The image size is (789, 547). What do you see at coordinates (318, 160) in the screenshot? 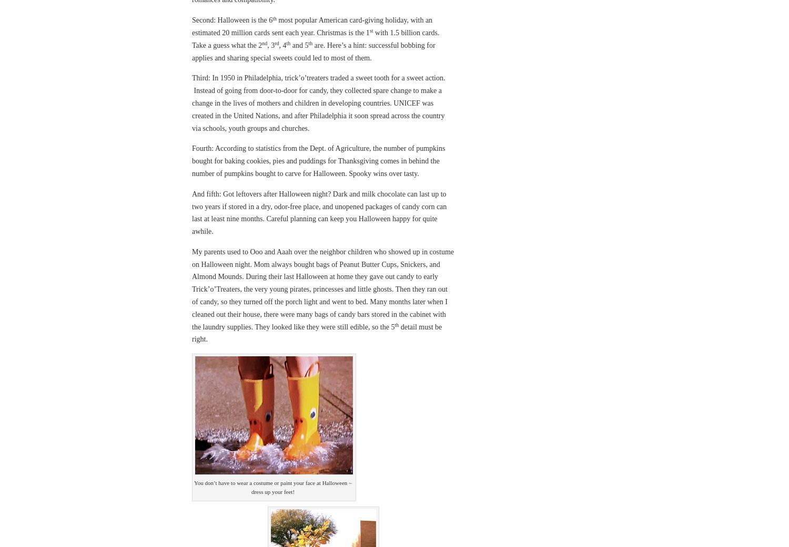
I see `'Fourth: According to statistics from the Dept. of Agriculture, the number of pumpkins bought for baking cookies, pies and puddings for Thanksgiving comes in behind the number of pumpkins bought to carve for Halloween. Spooky wins over tasty.'` at bounding box center [318, 160].